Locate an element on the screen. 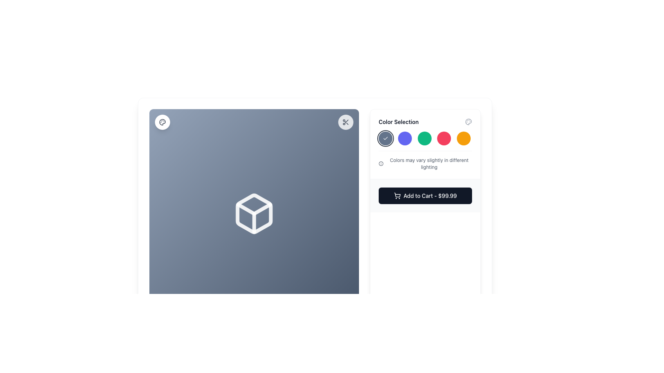  the horizontal row of five circular color selectors in the 'Color Selection' section is located at coordinates (425, 138).